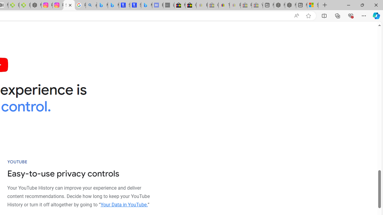 The width and height of the screenshot is (383, 215). I want to click on 'Microsoft Bing Travel - Shangri-La Hotel Bangkok', so click(147, 5).